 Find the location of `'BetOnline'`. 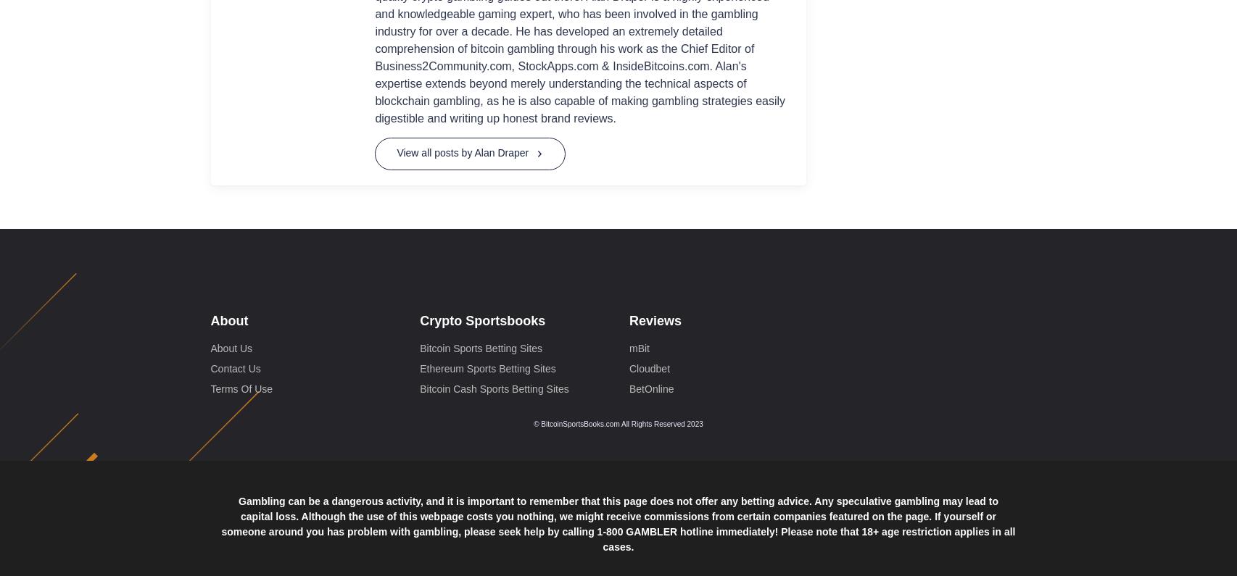

'BetOnline' is located at coordinates (651, 122).